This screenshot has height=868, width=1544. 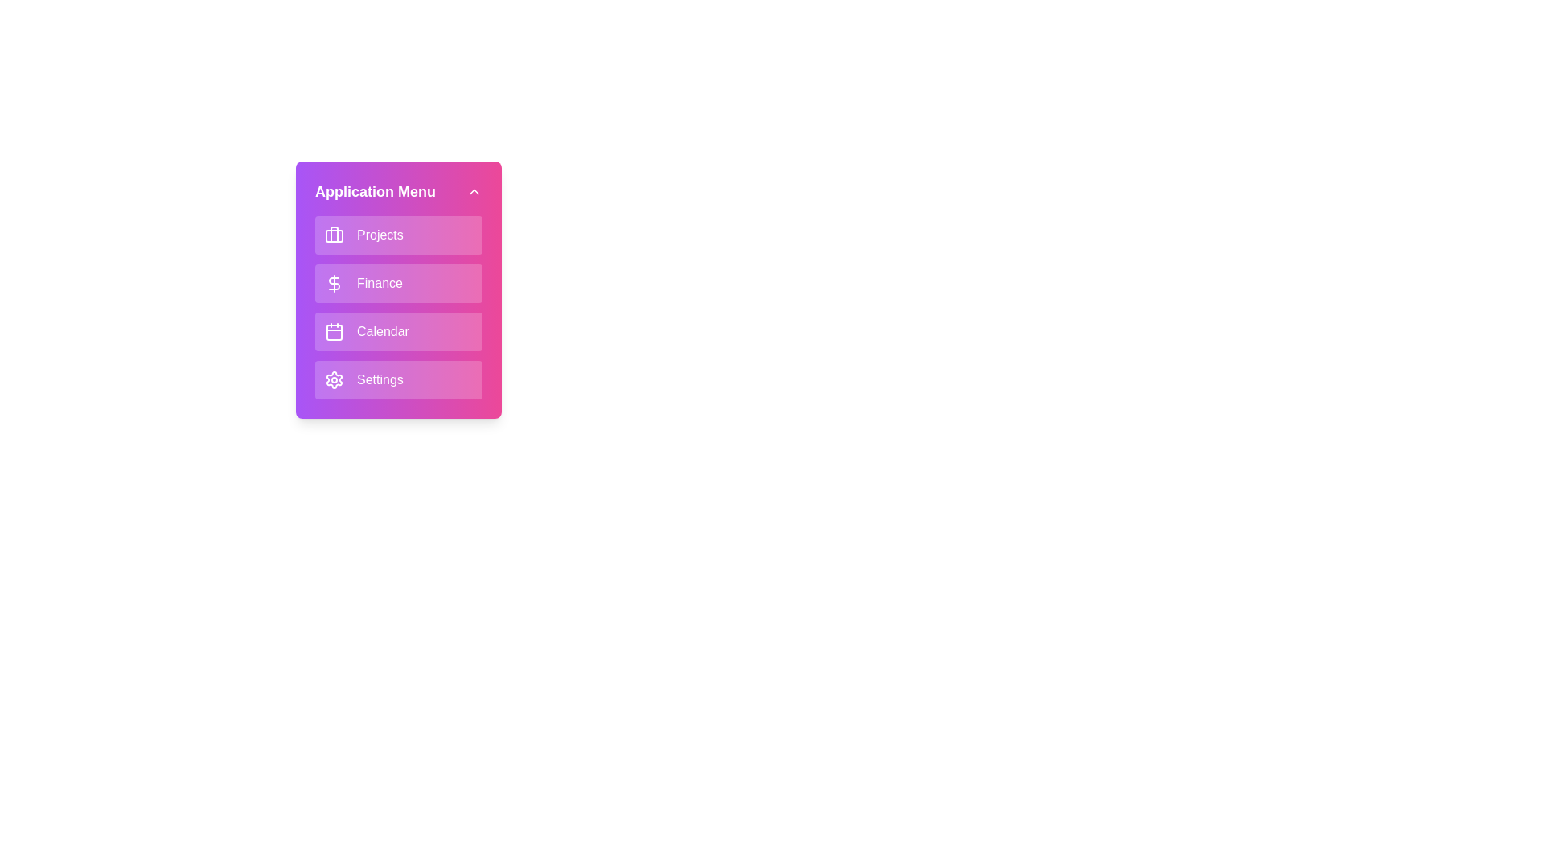 What do you see at coordinates (398, 330) in the screenshot?
I see `the menu item Calendar by clicking on it` at bounding box center [398, 330].